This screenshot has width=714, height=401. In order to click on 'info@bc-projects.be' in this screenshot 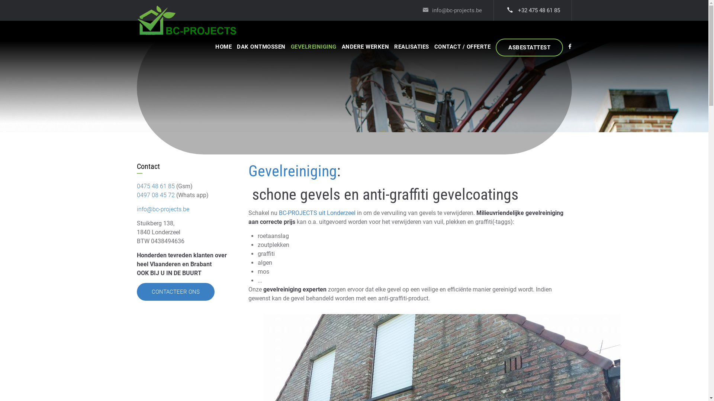, I will do `click(451, 10)`.